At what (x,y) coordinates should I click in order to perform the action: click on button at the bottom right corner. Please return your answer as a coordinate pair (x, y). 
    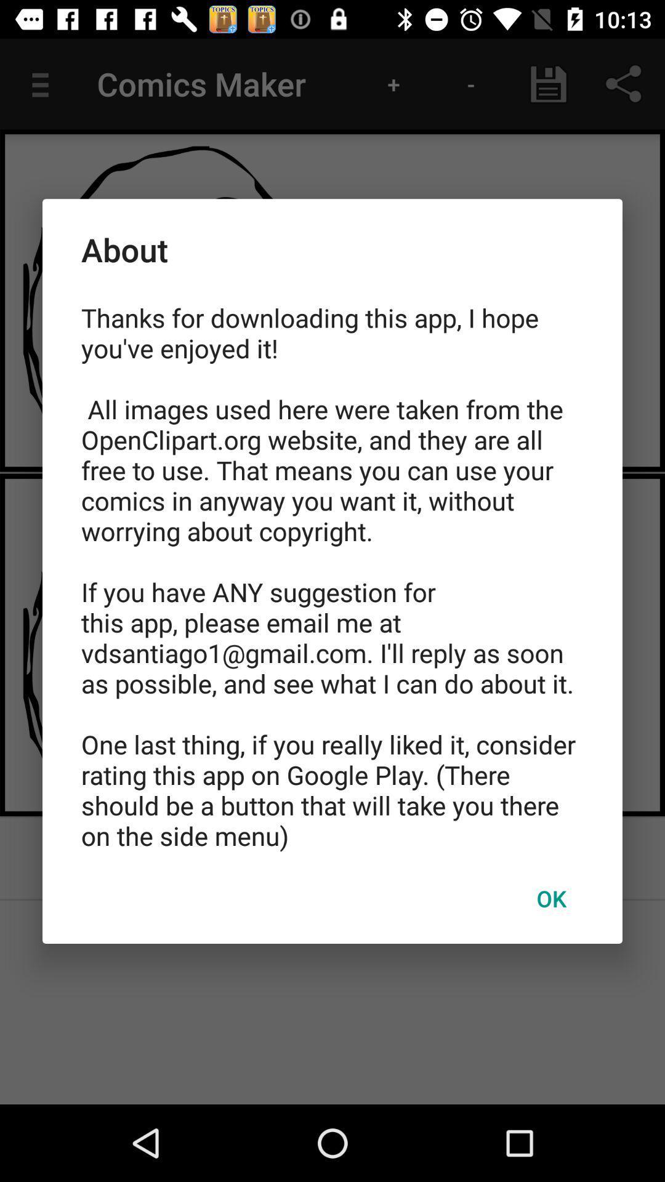
    Looking at the image, I should click on (550, 898).